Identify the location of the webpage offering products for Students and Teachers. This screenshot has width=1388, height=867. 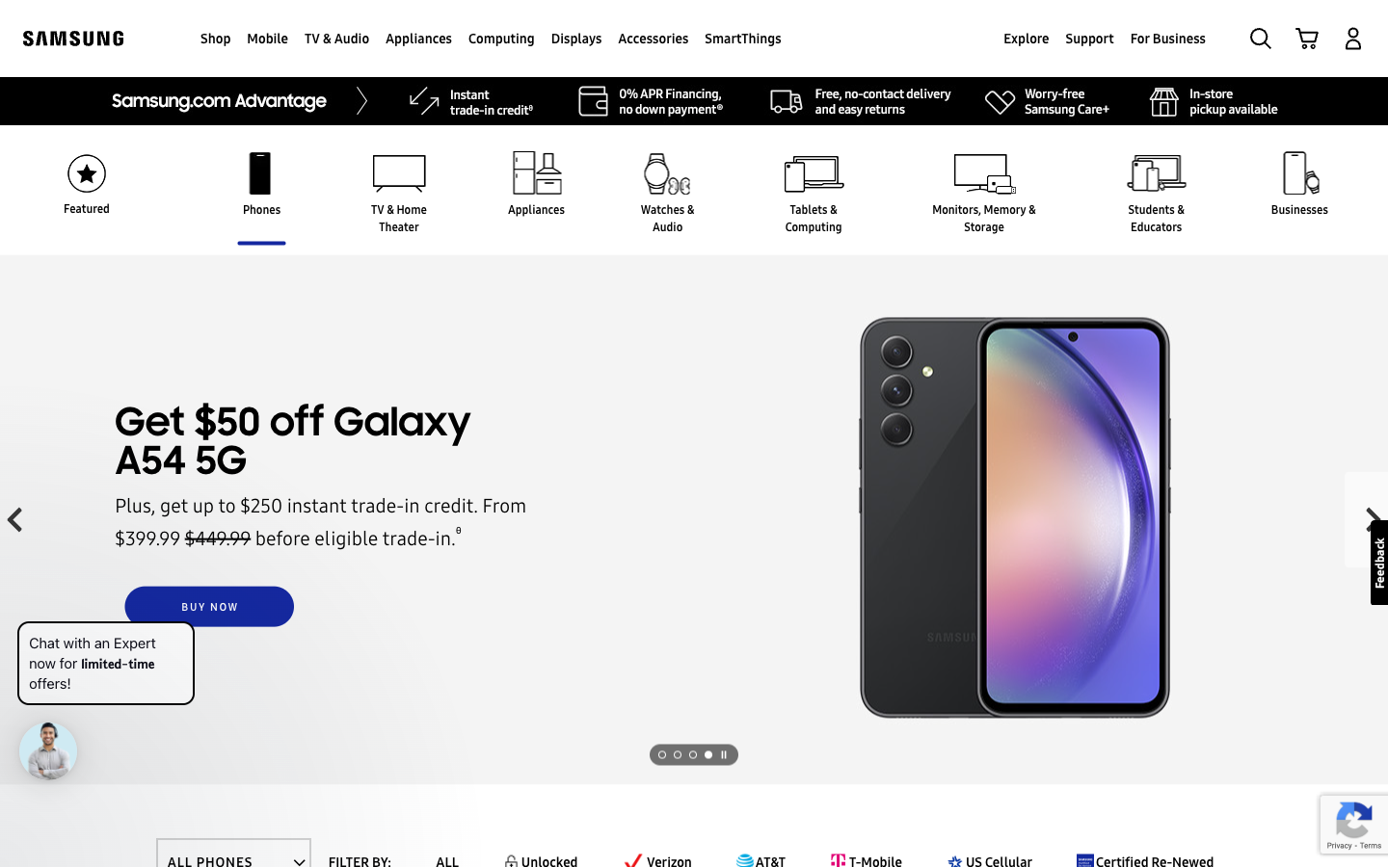
(1156, 217).